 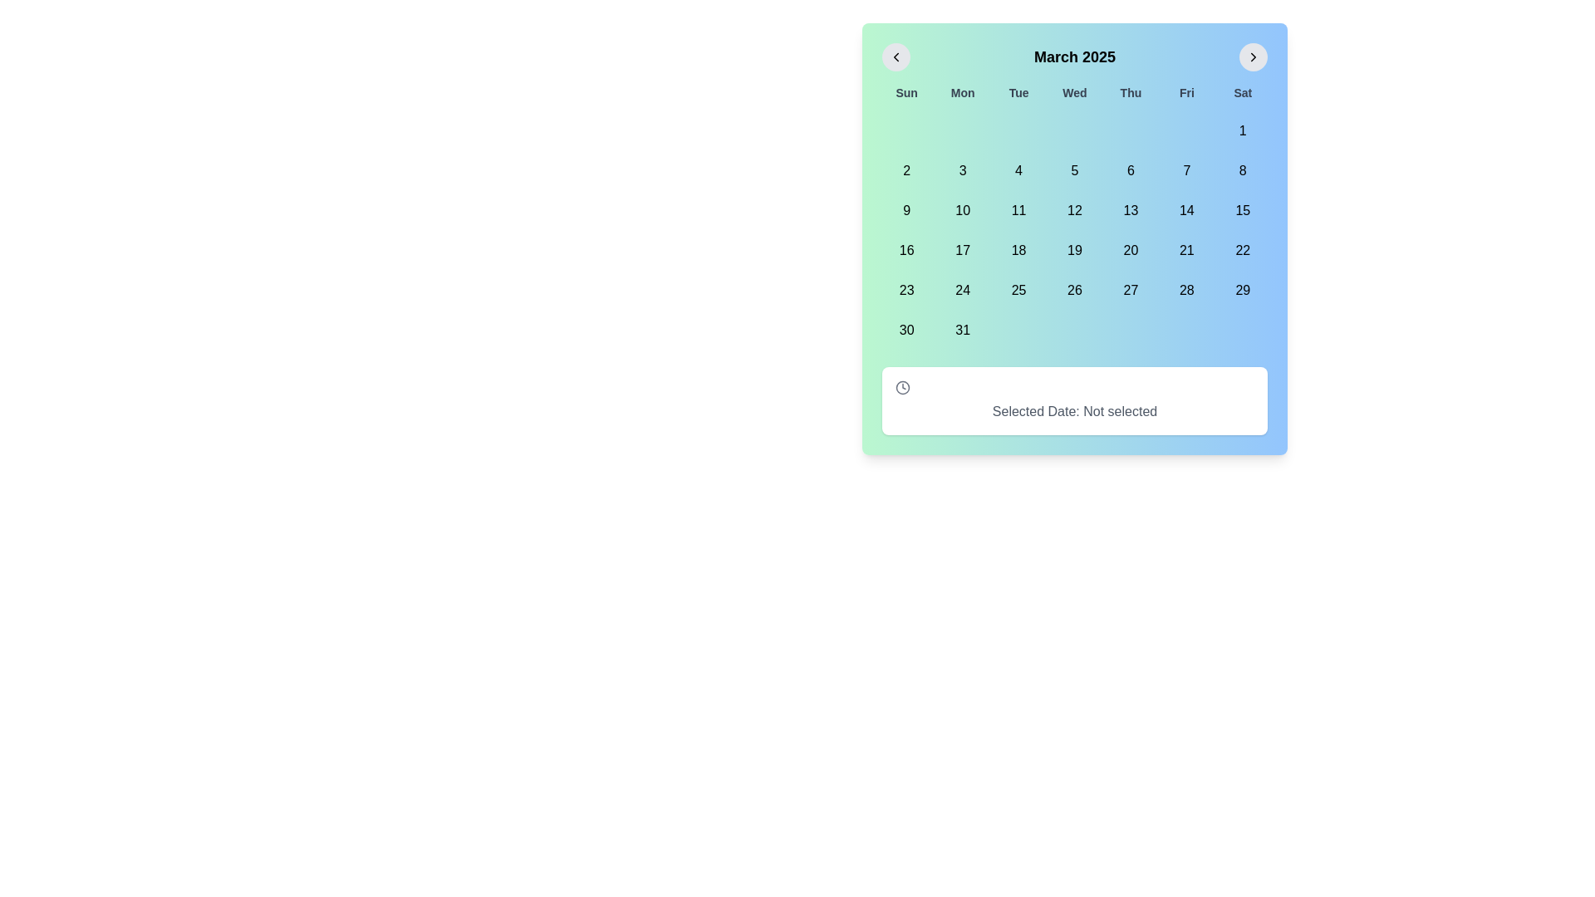 I want to click on the small dot-like indicator located under the 'Fri' column in the calendar interface, positioned in the topmost row of the grid, so click(x=1185, y=130).